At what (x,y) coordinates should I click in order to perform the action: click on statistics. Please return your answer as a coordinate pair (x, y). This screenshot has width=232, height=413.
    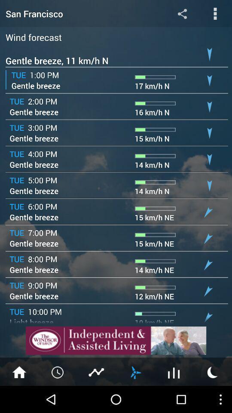
    Looking at the image, I should click on (96, 371).